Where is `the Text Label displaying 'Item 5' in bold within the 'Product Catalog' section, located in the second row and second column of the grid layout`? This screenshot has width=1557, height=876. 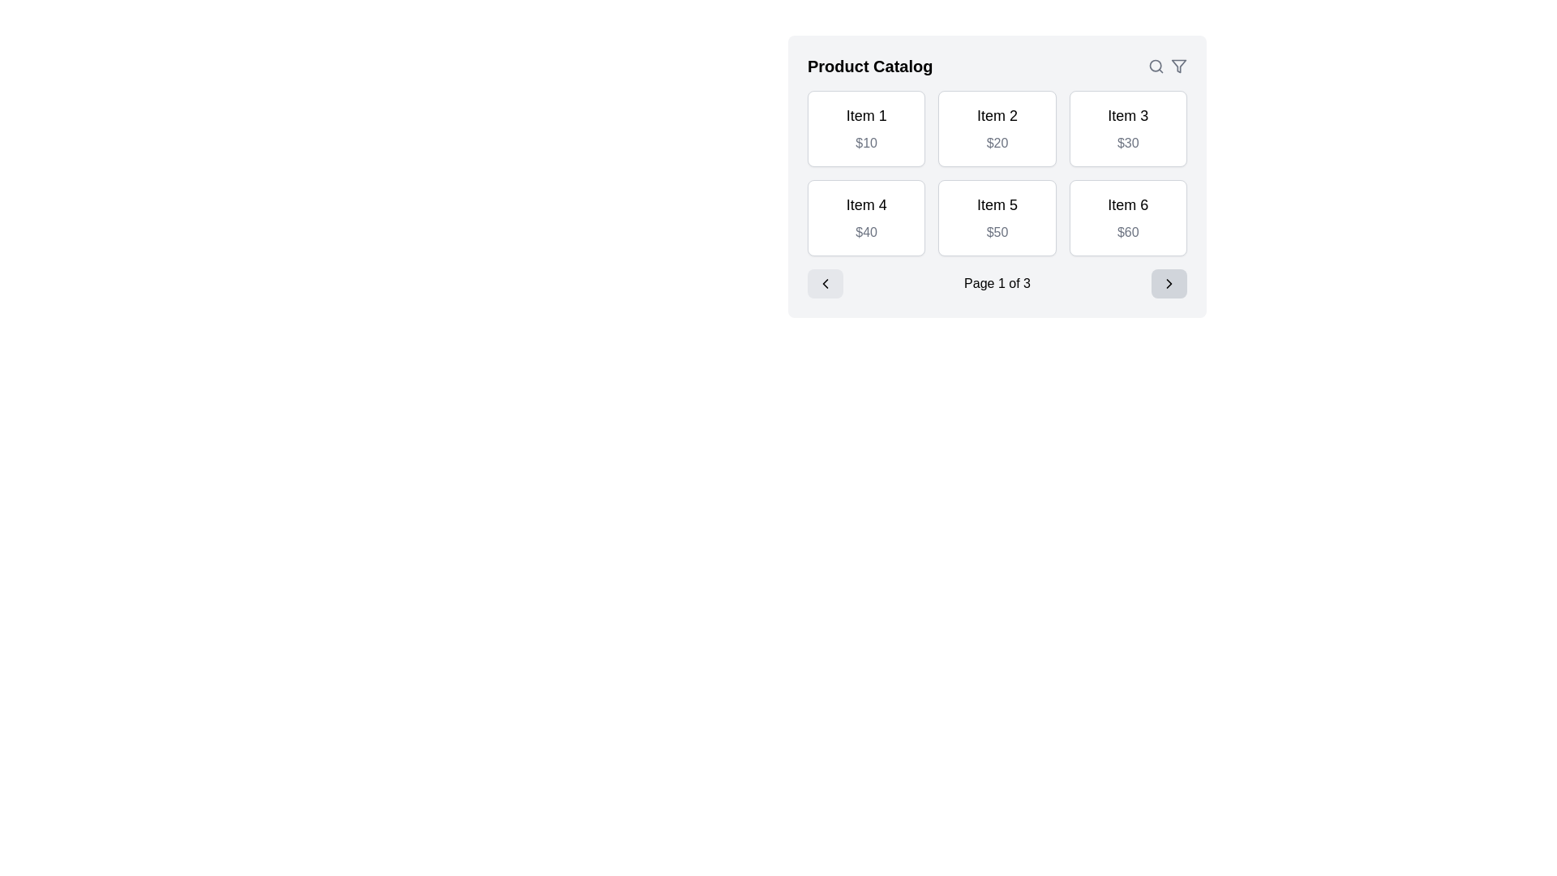
the Text Label displaying 'Item 5' in bold within the 'Product Catalog' section, located in the second row and second column of the grid layout is located at coordinates (996, 204).